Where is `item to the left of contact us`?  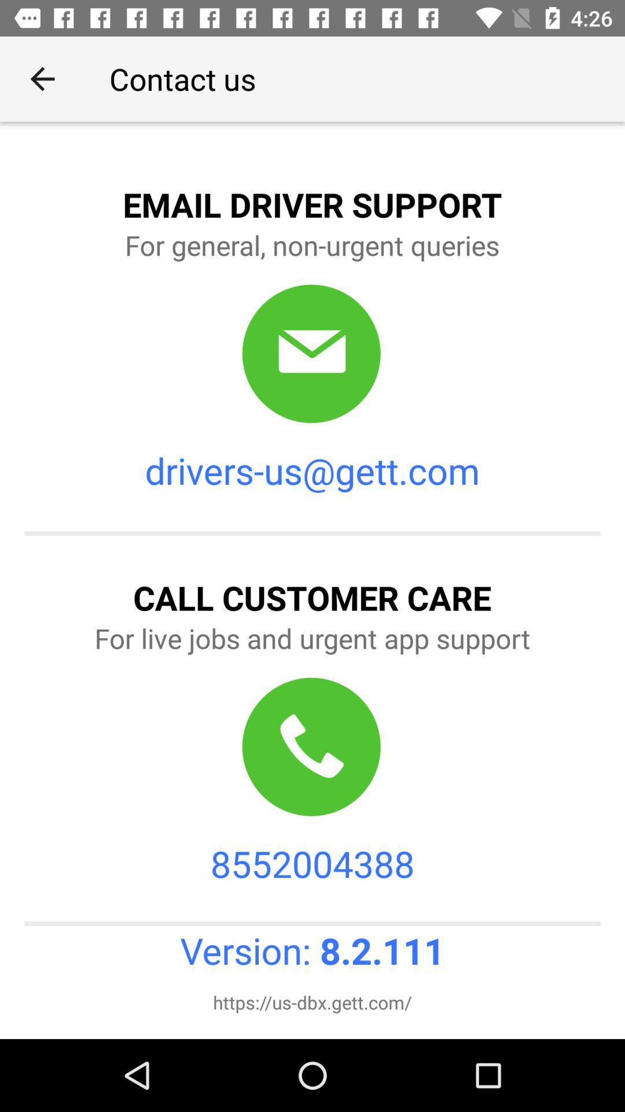
item to the left of contact us is located at coordinates (42, 78).